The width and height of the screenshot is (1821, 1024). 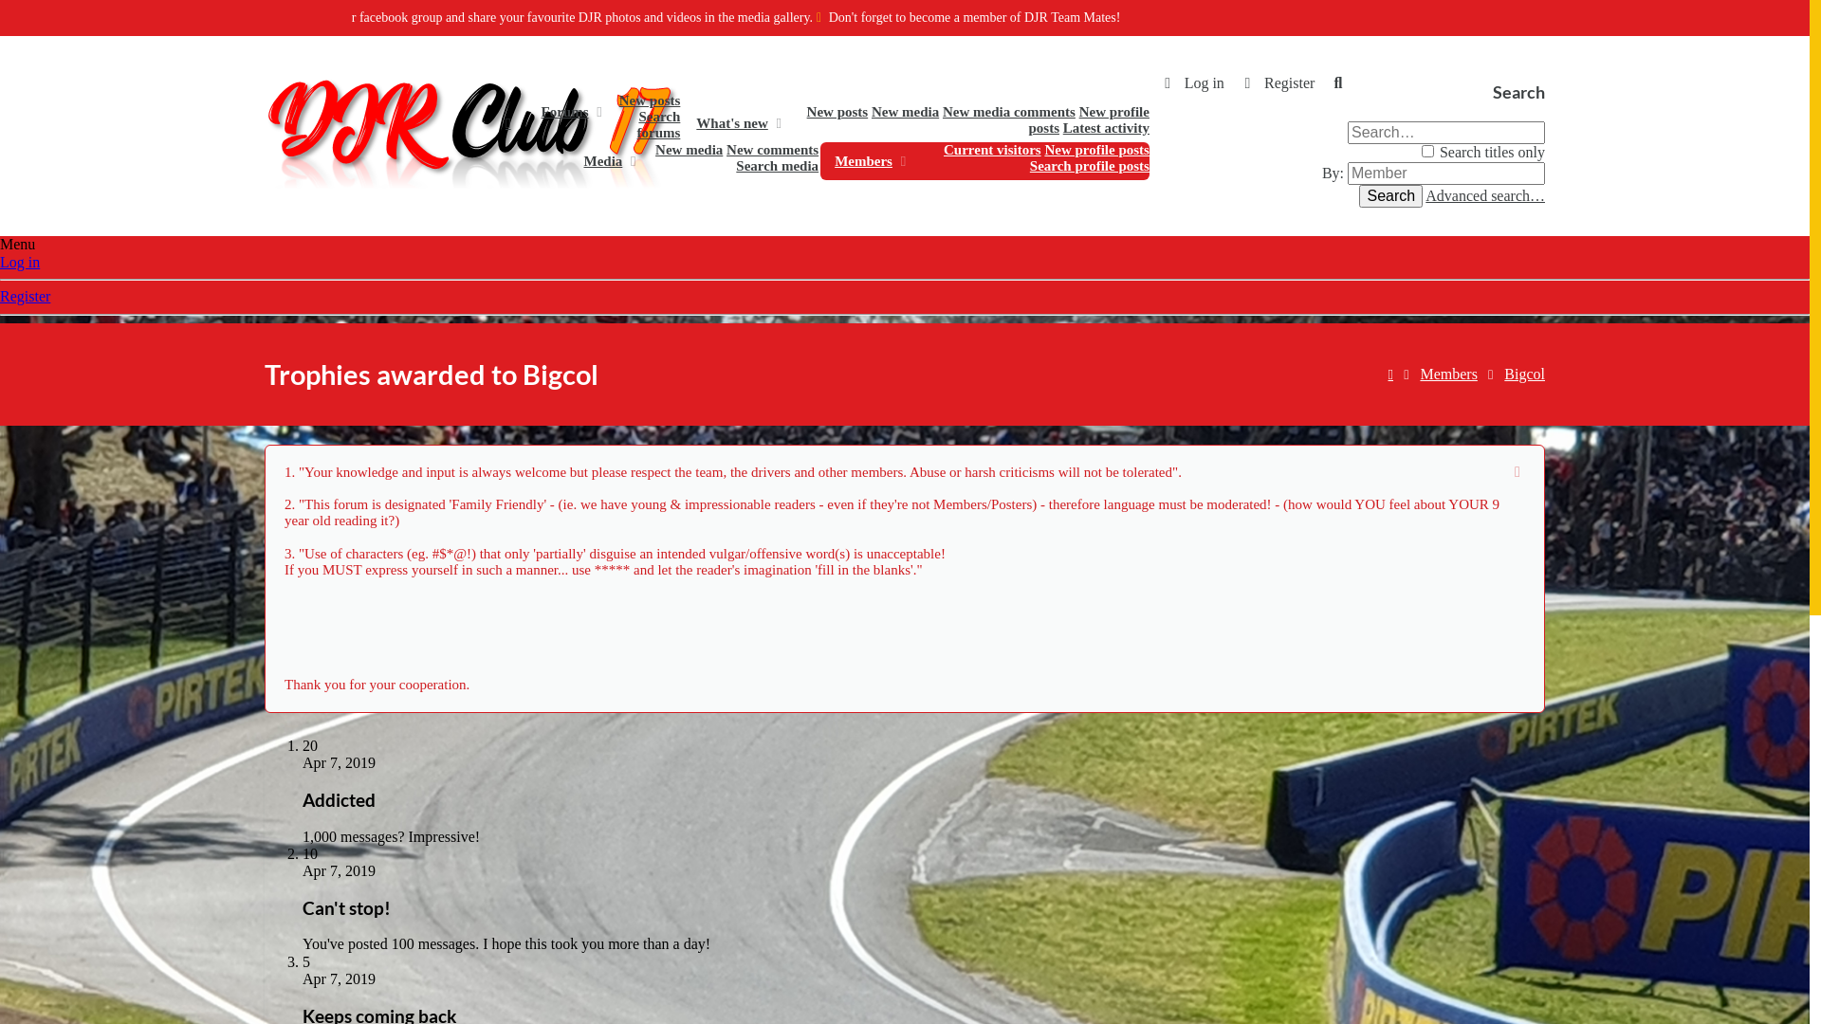 I want to click on 'Search', so click(x=1390, y=196).